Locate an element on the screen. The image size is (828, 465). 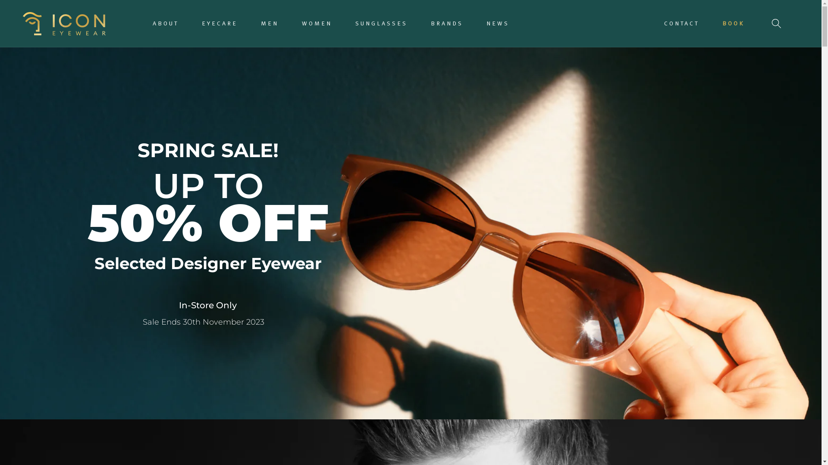
'SUNGLASSES' is located at coordinates (350, 23).